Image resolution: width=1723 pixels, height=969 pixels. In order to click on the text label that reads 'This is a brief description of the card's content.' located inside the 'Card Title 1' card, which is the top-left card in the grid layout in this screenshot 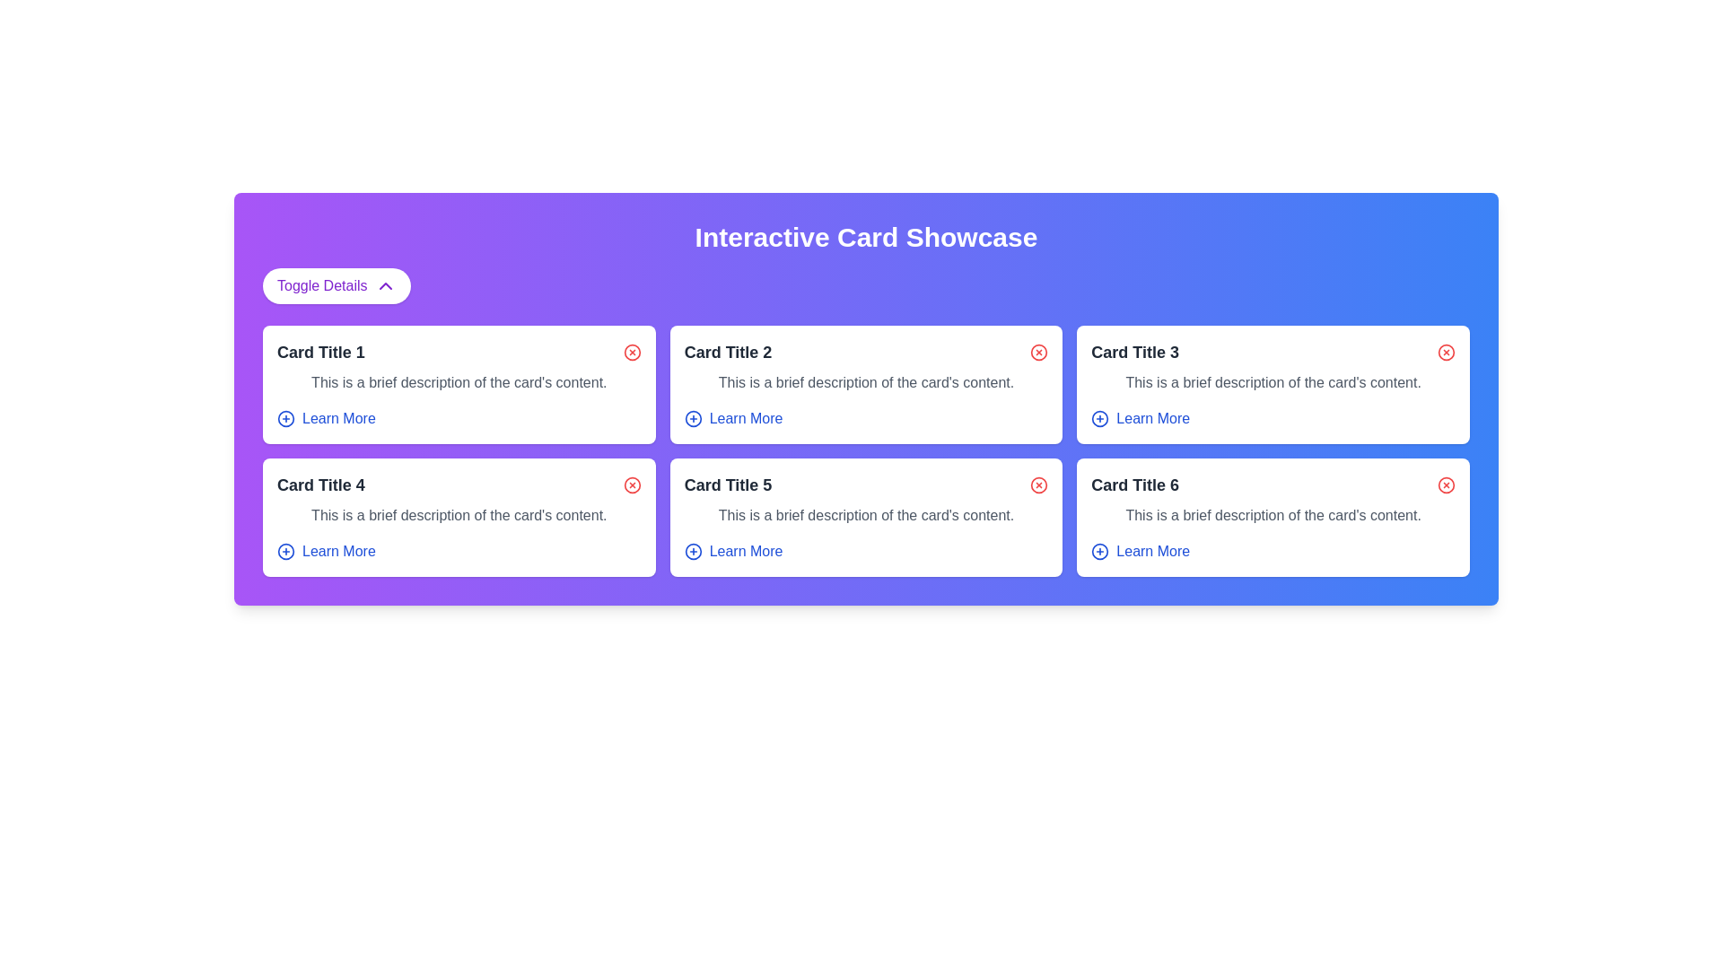, I will do `click(459, 382)`.